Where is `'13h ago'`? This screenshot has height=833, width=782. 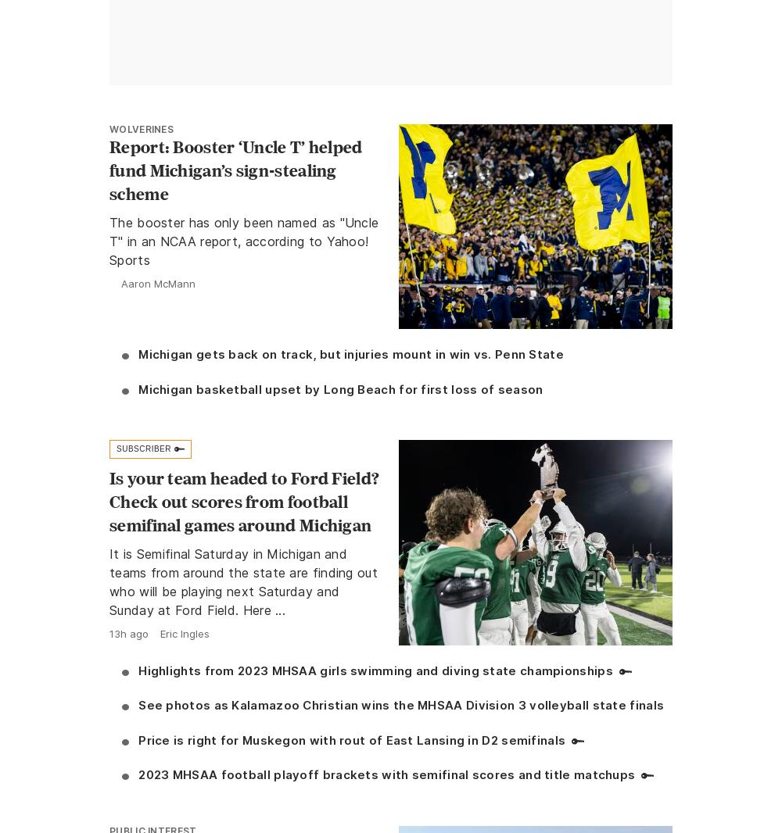
'13h ago' is located at coordinates (129, 634).